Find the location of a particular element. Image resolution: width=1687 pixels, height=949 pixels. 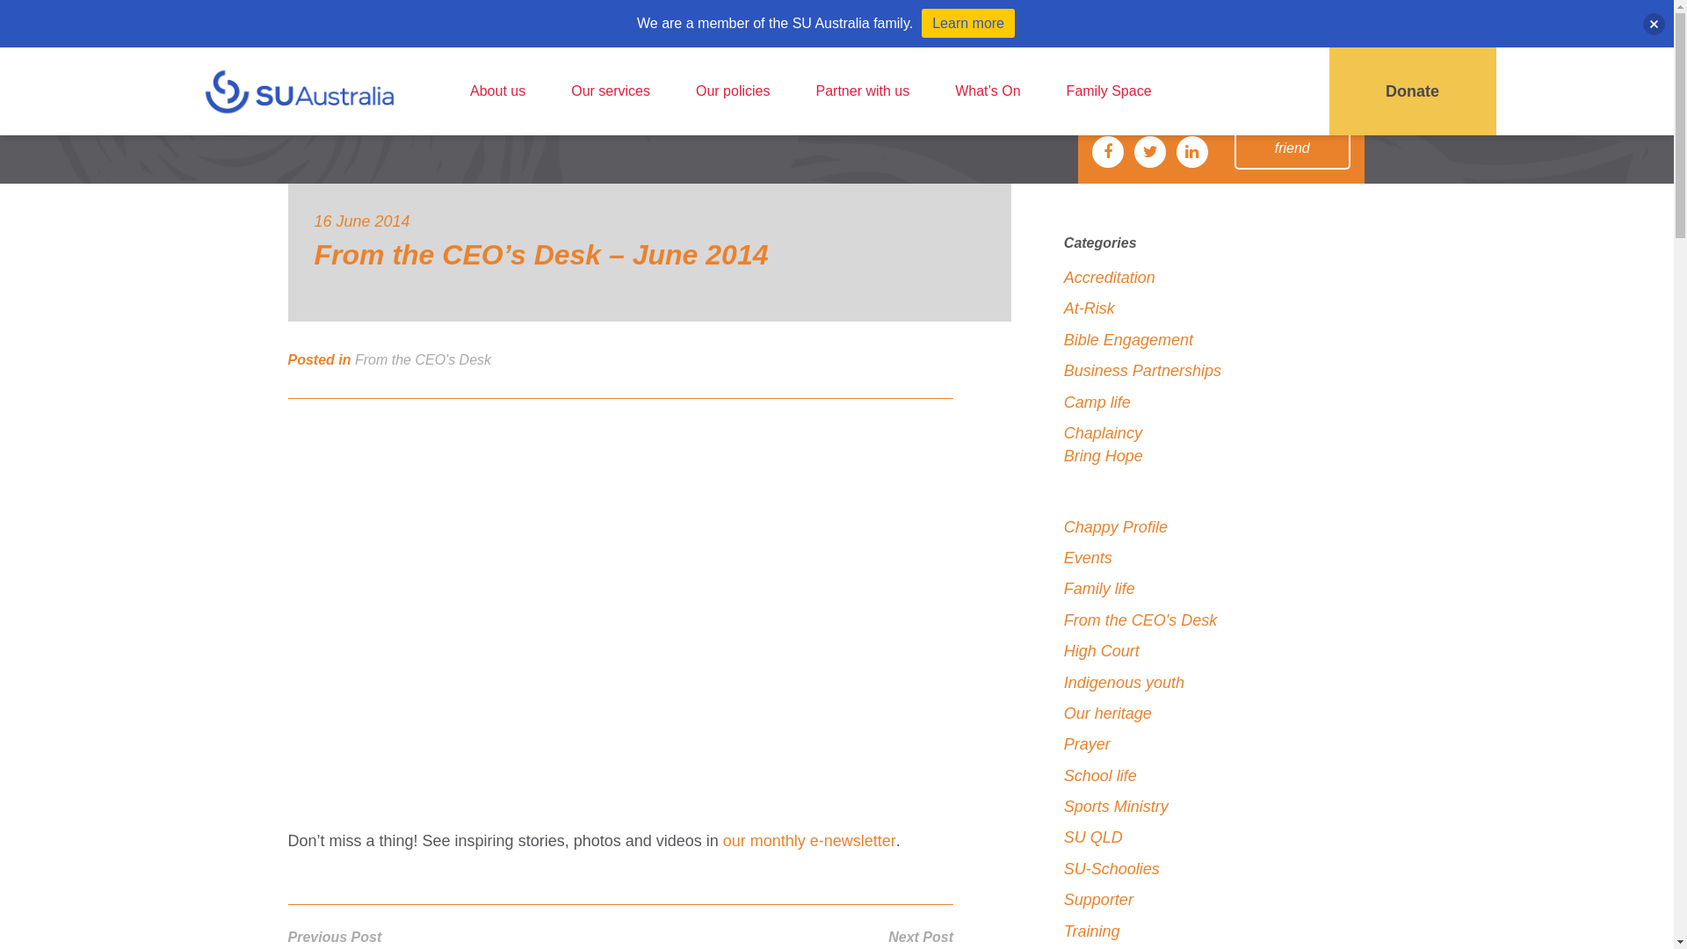

'Donate' is located at coordinates (1412, 91).